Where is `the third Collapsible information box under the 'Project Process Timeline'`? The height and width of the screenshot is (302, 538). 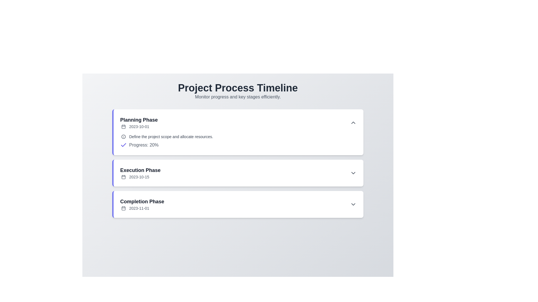
the third Collapsible information box under the 'Project Process Timeline' is located at coordinates (238, 204).